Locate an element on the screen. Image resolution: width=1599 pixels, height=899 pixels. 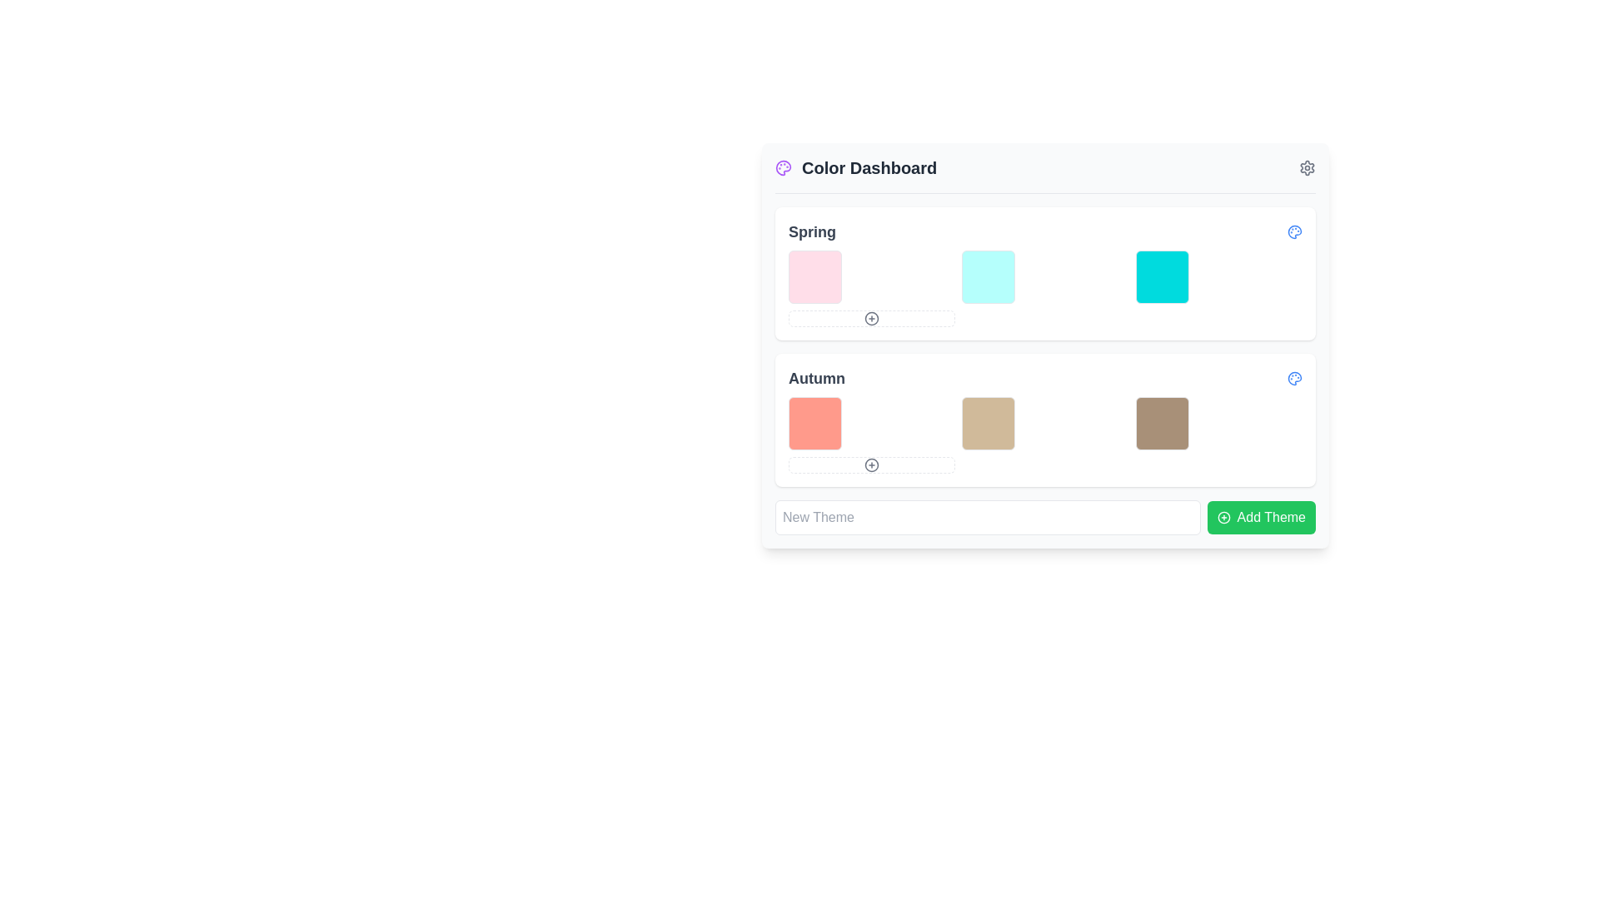
the grid layout containing three color blocks (light red, beige, brown) and the plus icon for adding new entries in the 'Autumn' section is located at coordinates (1044, 435).